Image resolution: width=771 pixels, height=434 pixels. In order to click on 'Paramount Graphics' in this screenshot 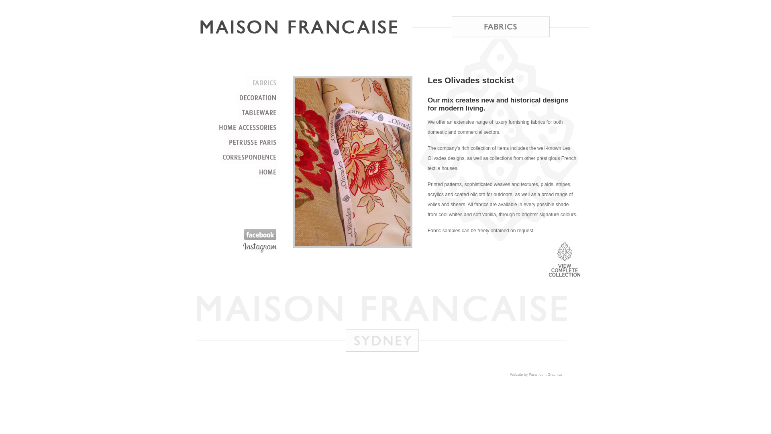, I will do `click(545, 375)`.